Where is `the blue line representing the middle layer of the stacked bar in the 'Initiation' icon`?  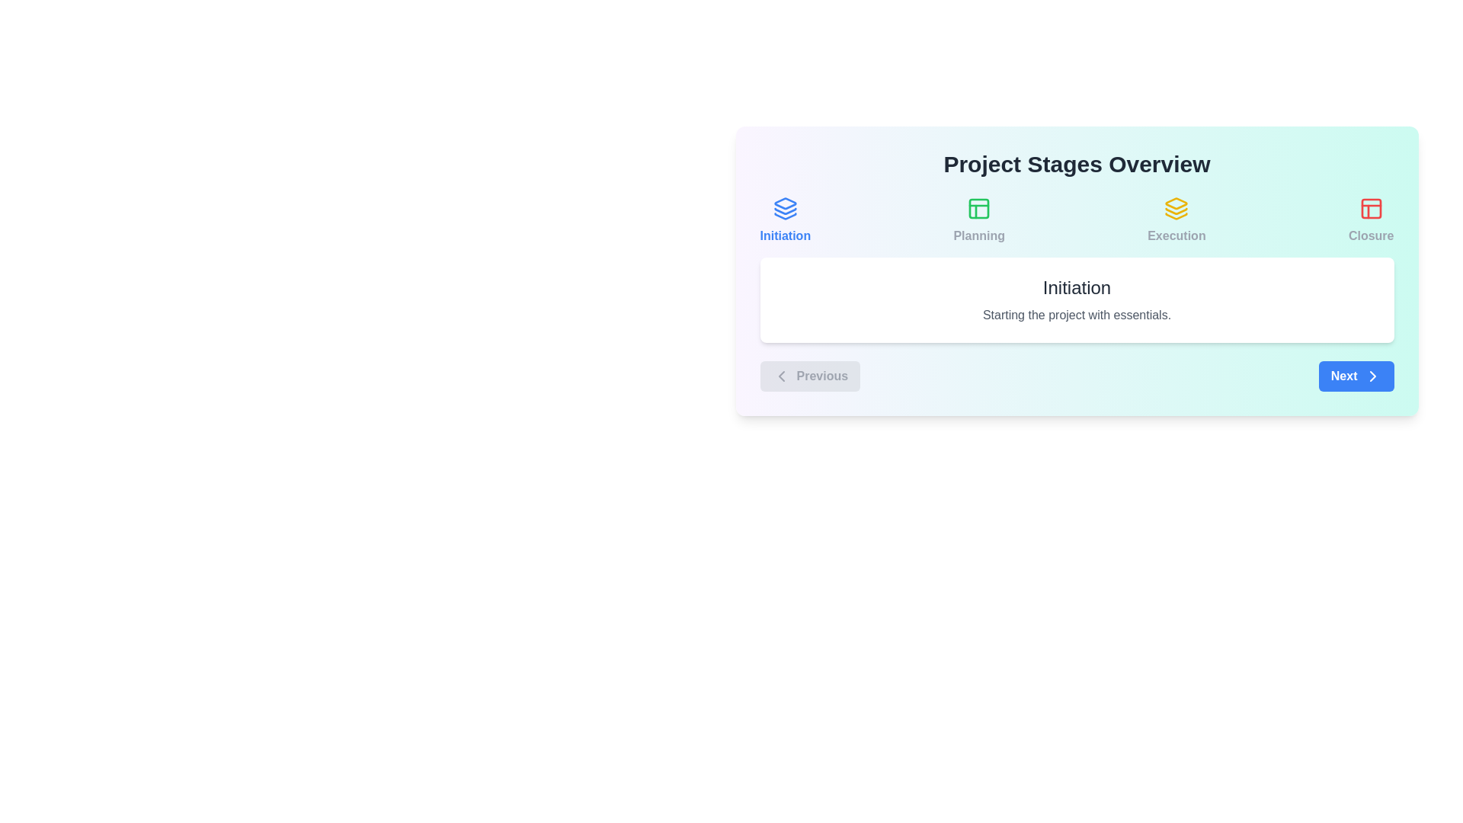 the blue line representing the middle layer of the stacked bar in the 'Initiation' icon is located at coordinates (785, 211).